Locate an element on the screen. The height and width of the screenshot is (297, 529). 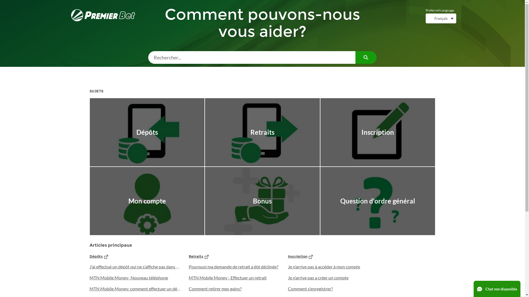
'Rechercher' is located at coordinates (366, 57).